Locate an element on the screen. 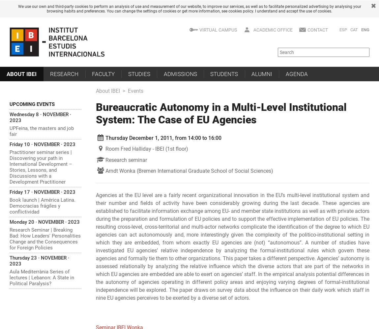 This screenshot has height=329, width=379. 'Agenda' is located at coordinates (296, 73).